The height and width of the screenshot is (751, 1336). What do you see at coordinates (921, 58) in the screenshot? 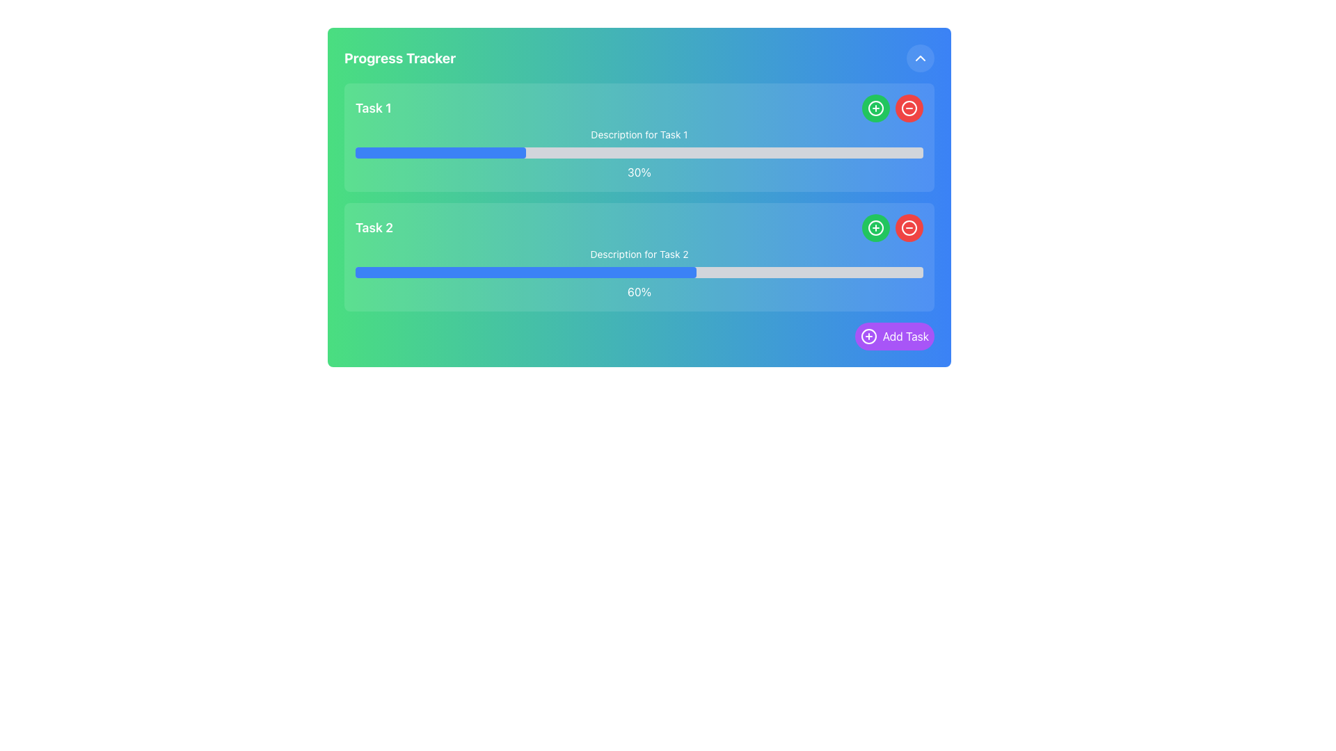
I see `the button located at the top-right corner of the main card, which has a circular icon with a white background and a chevron` at bounding box center [921, 58].